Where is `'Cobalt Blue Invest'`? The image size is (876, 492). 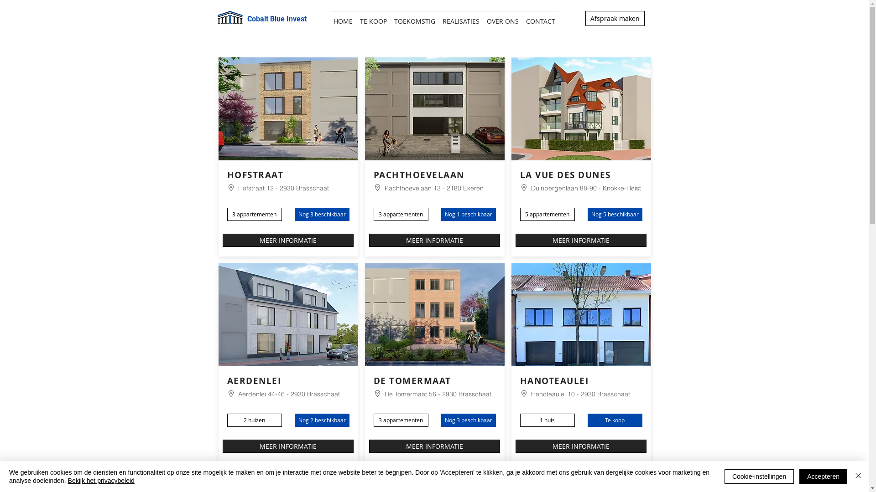 'Cobalt Blue Invest' is located at coordinates (276, 19).